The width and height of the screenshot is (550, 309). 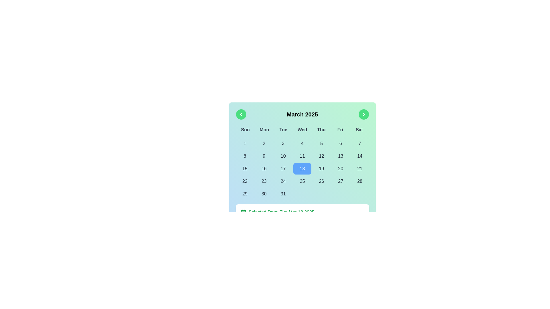 What do you see at coordinates (241, 114) in the screenshot?
I see `the left-pointing chevron icon embedded in the circular green navigation button` at bounding box center [241, 114].